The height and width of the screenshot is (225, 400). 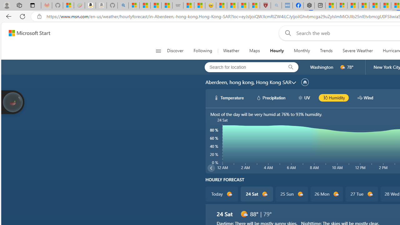 What do you see at coordinates (12, 102) in the screenshot?
I see `'Join us in planting real trees to help our planet!'` at bounding box center [12, 102].